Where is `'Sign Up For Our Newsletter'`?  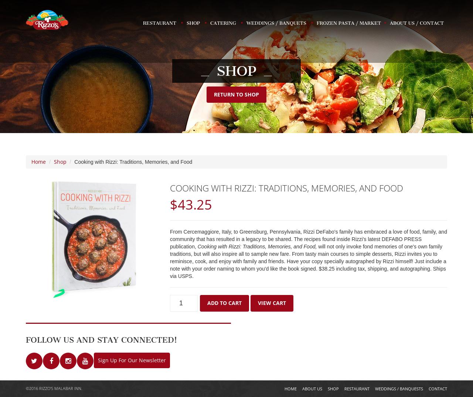
'Sign Up For Our Newsletter' is located at coordinates (132, 360).